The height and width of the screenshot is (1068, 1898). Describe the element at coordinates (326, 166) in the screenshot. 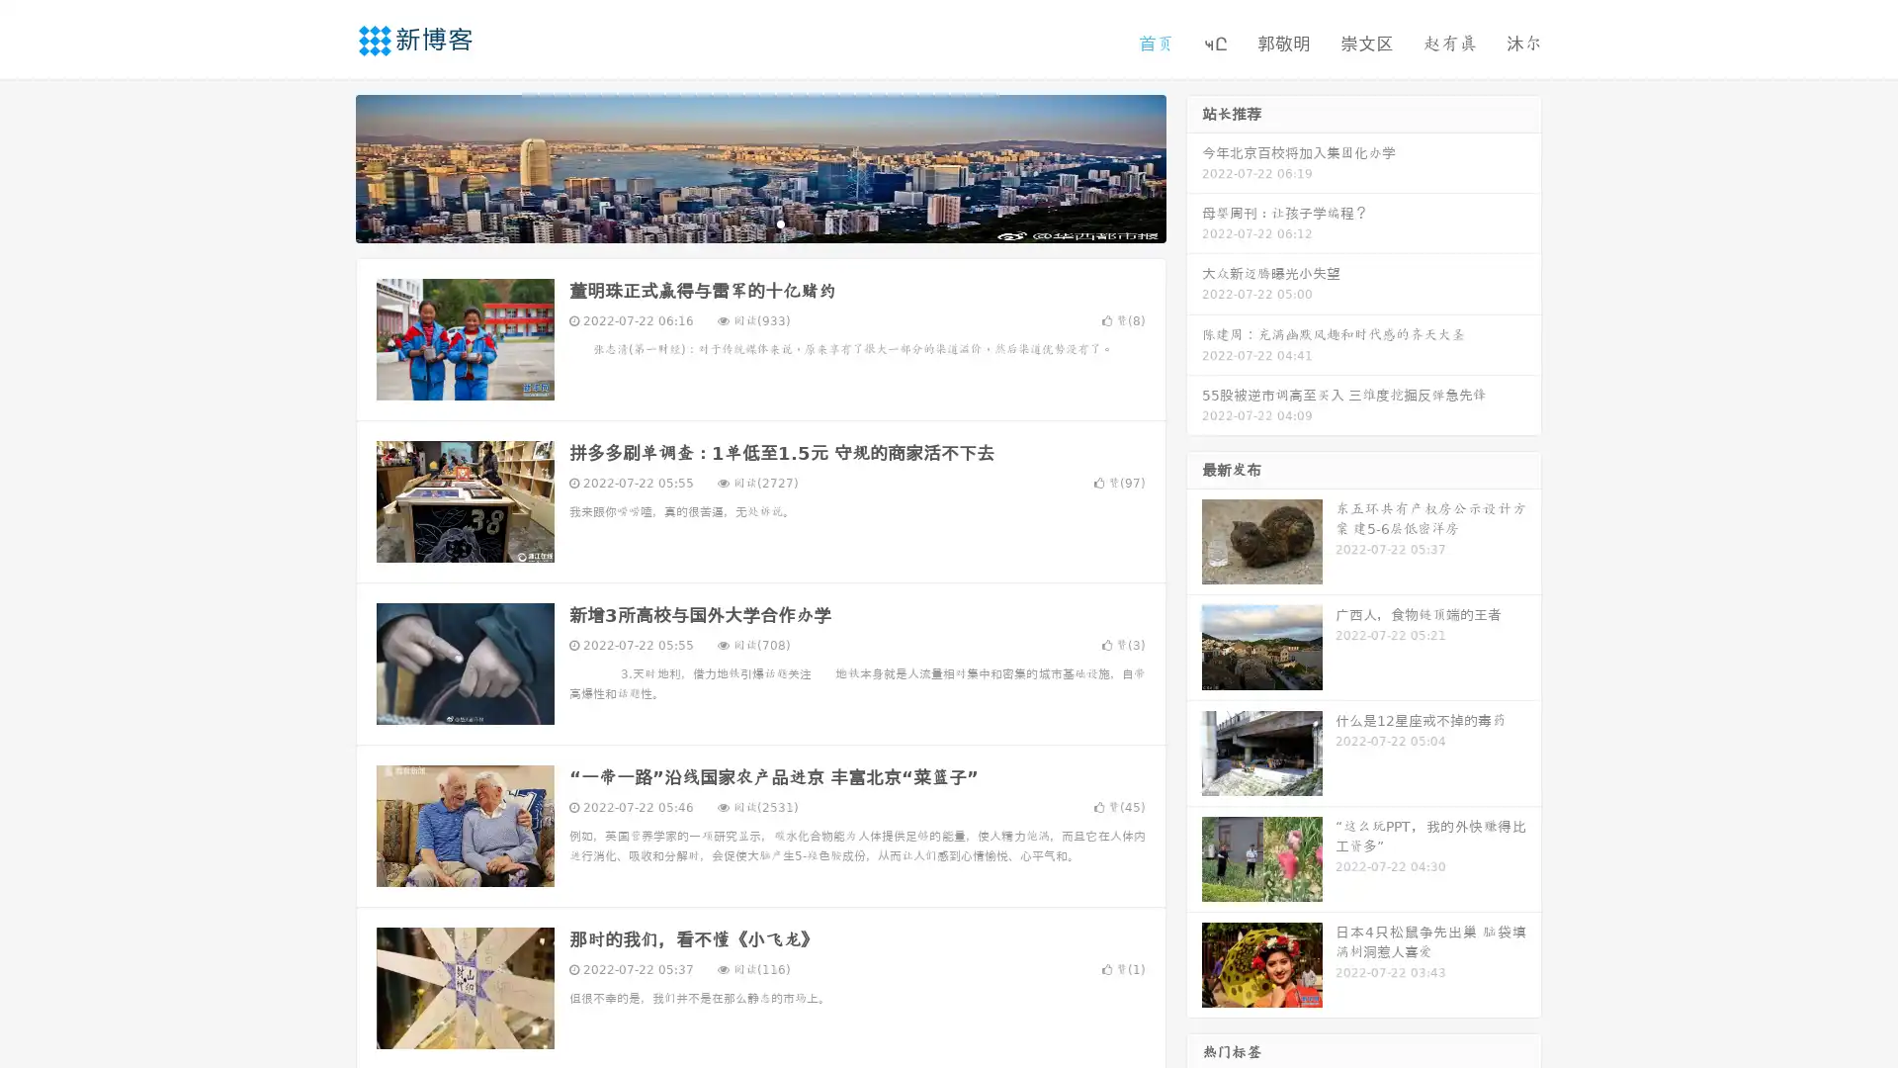

I see `Previous slide` at that location.